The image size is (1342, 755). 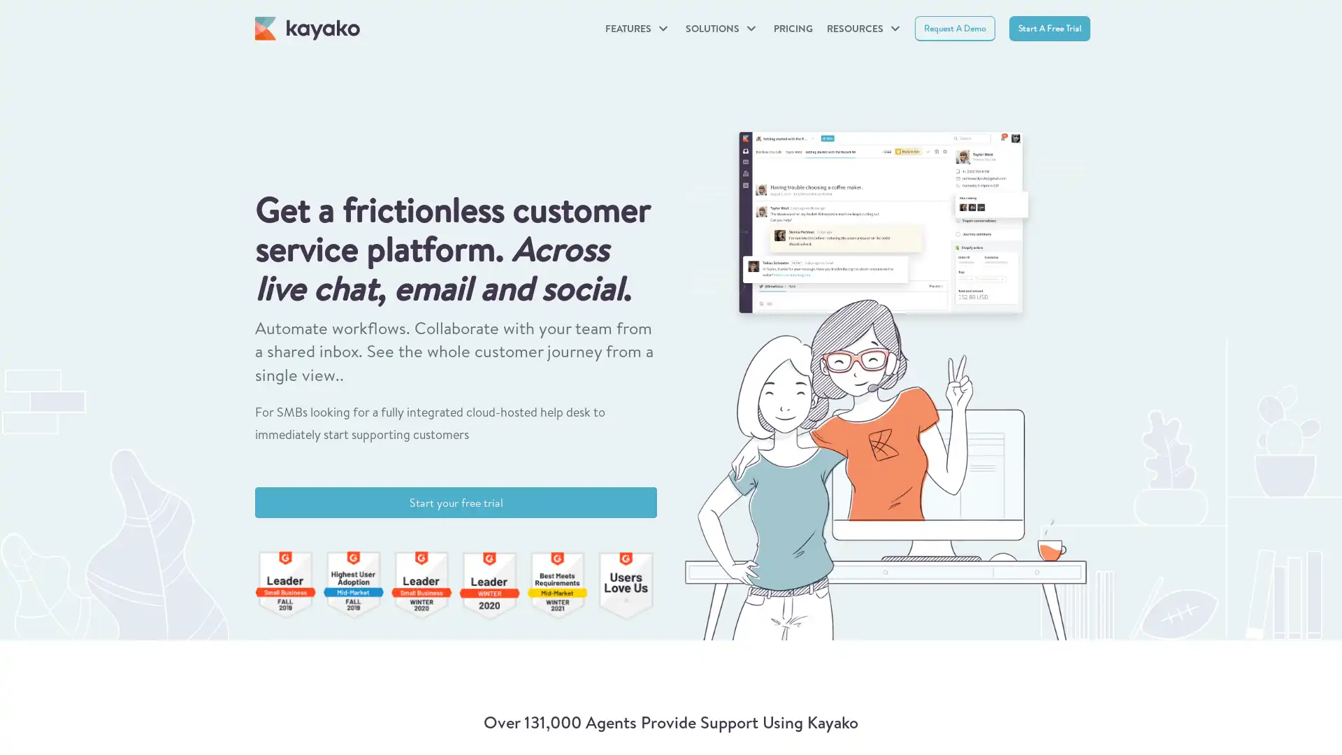 What do you see at coordinates (456, 501) in the screenshot?
I see `Start your free trial` at bounding box center [456, 501].